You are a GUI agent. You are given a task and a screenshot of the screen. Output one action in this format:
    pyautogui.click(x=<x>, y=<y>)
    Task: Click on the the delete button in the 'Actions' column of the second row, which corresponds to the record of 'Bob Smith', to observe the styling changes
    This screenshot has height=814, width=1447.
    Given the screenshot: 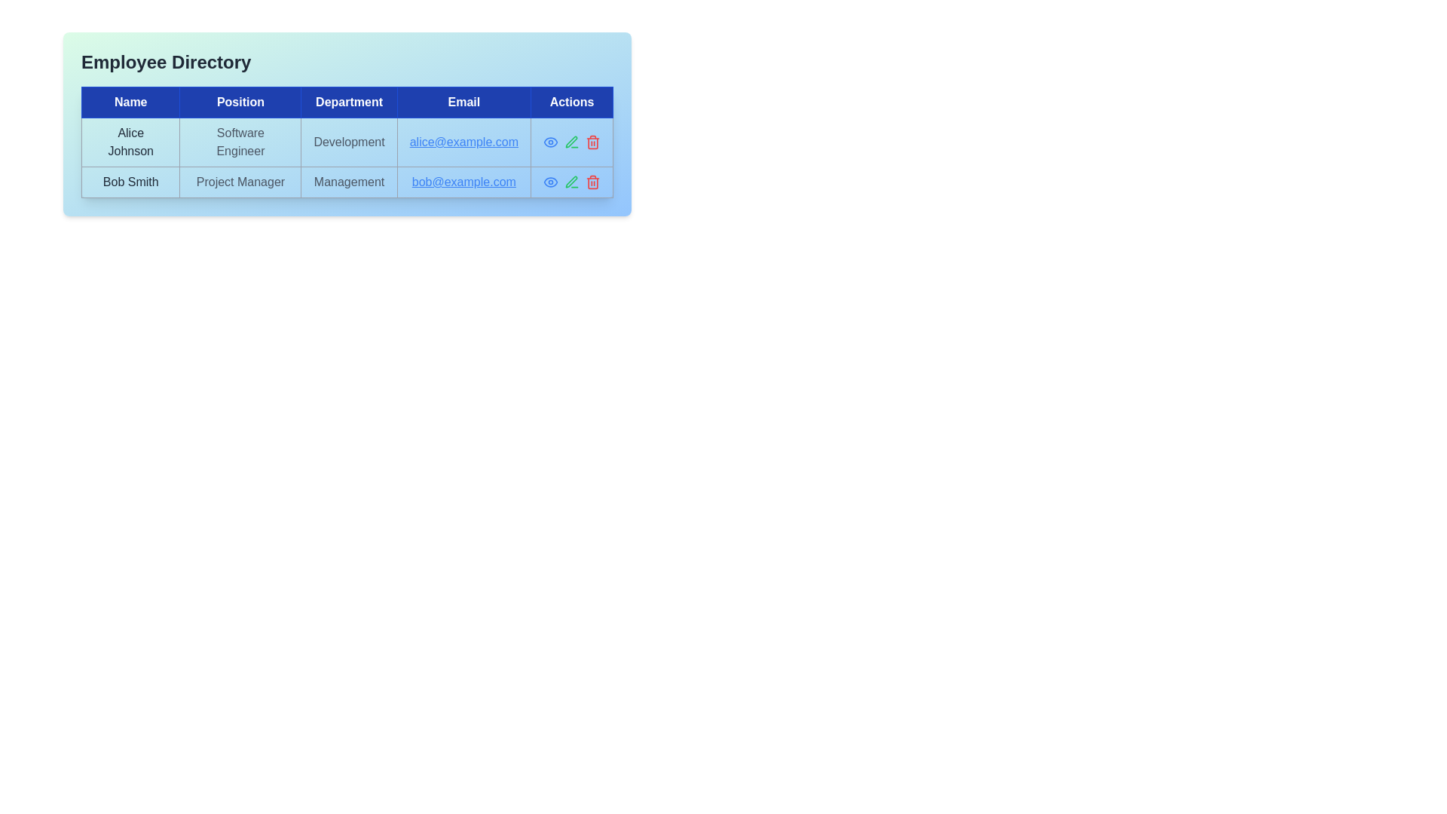 What is the action you would take?
    pyautogui.click(x=592, y=182)
    